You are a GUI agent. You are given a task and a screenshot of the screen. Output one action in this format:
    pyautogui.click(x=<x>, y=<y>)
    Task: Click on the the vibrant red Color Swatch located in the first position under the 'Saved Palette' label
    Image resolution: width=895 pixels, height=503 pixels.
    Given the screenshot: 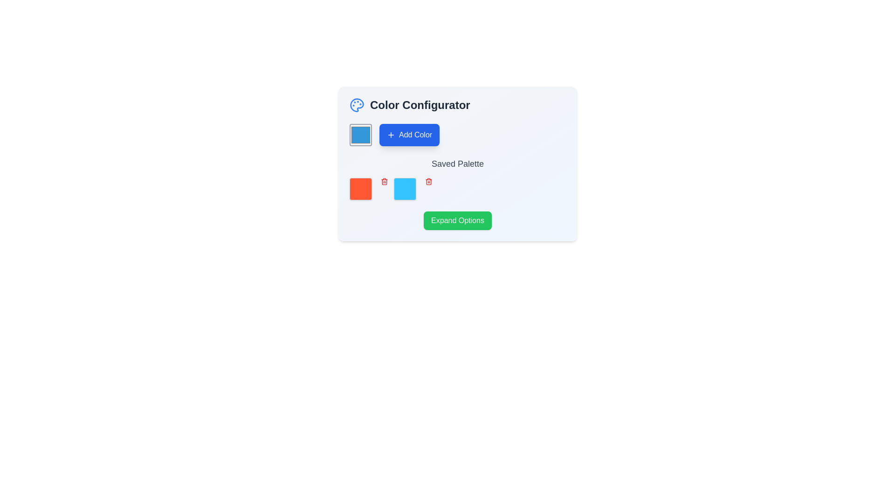 What is the action you would take?
    pyautogui.click(x=368, y=189)
    